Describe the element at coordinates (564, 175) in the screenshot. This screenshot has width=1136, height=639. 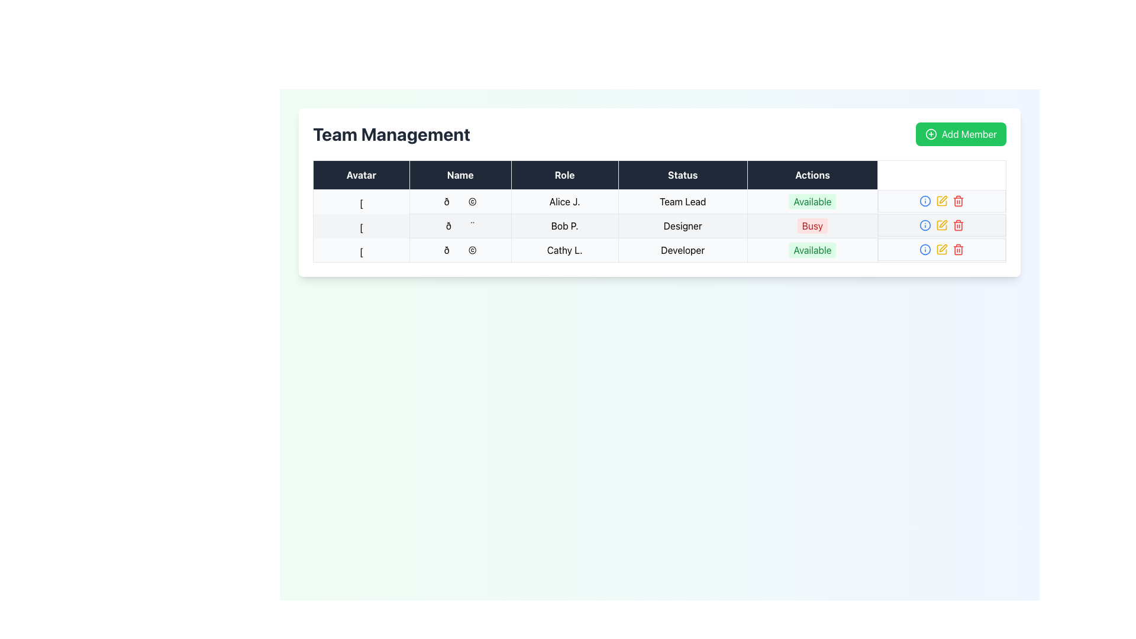
I see `the header labeled 'Role' in the Team Management table, which is the third entry in the header row, located between 'Name' and 'Status'` at that location.